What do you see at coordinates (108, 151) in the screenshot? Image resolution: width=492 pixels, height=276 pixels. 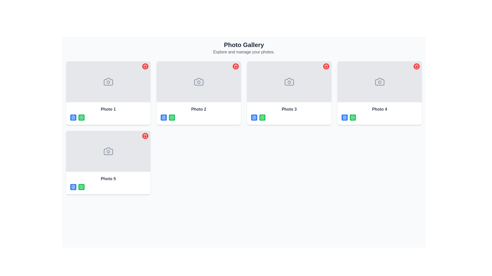 I see `the left section of the camera icon within the 'Photo 5' thumbnail box located in the bottom-left corner of the gallery layout` at bounding box center [108, 151].